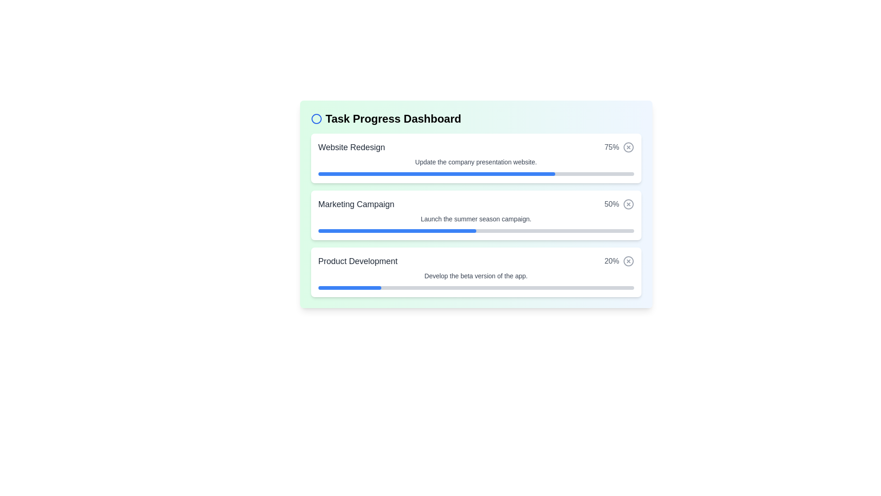  What do you see at coordinates (476, 261) in the screenshot?
I see `task title and progress percentage from the third section of the task progress item display list, which is located between 'Marketing Campaign' and 'Develop the beta version of the app.'` at bounding box center [476, 261].